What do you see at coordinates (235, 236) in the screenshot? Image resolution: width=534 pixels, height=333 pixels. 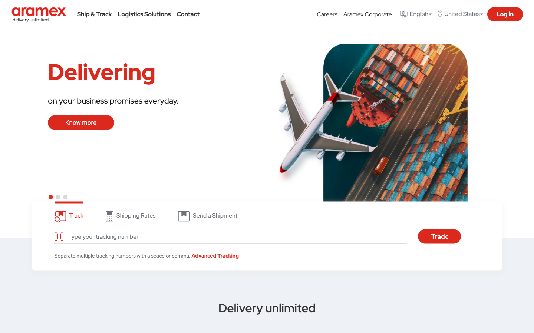 I see `Input the tracking id 123456 in the search bar to find the shipment details` at bounding box center [235, 236].